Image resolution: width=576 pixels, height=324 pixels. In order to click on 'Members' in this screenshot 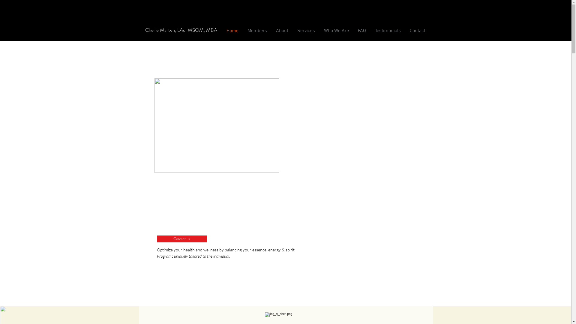, I will do `click(257, 31)`.